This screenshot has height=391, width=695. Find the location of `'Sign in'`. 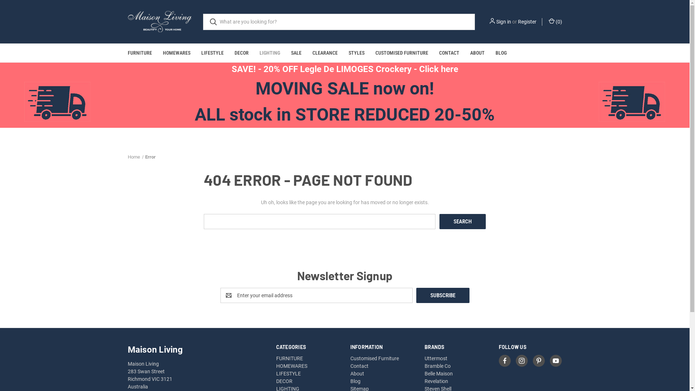

'Sign in' is located at coordinates (503, 21).